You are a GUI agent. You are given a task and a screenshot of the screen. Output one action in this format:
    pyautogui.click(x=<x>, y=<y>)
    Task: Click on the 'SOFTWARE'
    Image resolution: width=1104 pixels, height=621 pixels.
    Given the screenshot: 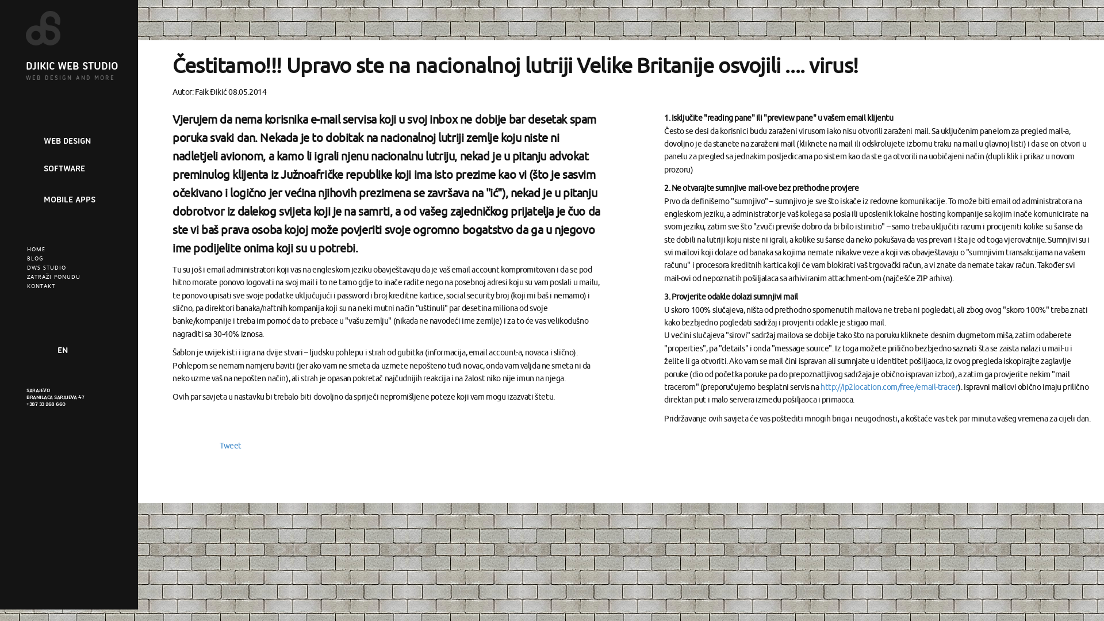 What is the action you would take?
    pyautogui.click(x=63, y=168)
    